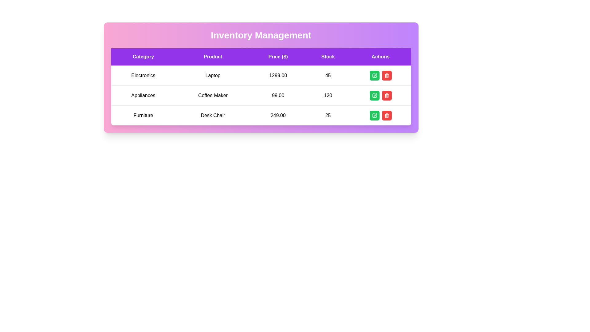  I want to click on the edit button located in the actions column of the third row in the inventory management table, so click(374, 115).